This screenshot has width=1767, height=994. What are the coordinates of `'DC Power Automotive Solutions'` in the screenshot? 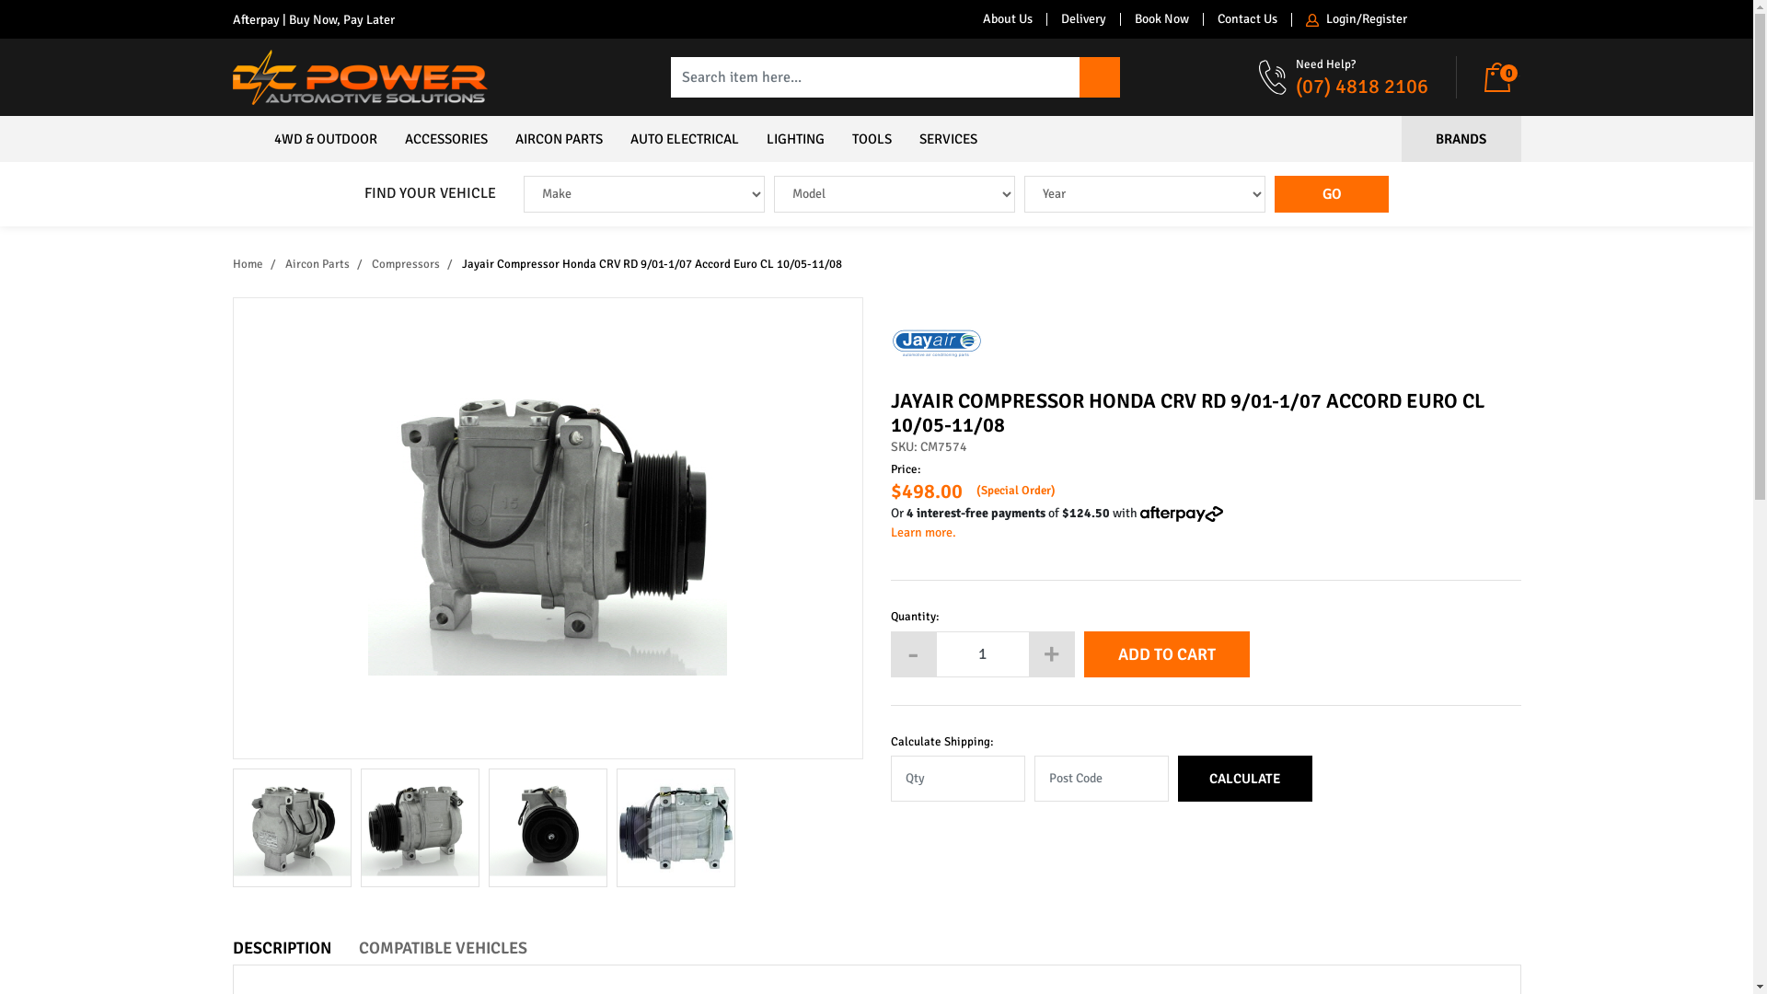 It's located at (231, 75).